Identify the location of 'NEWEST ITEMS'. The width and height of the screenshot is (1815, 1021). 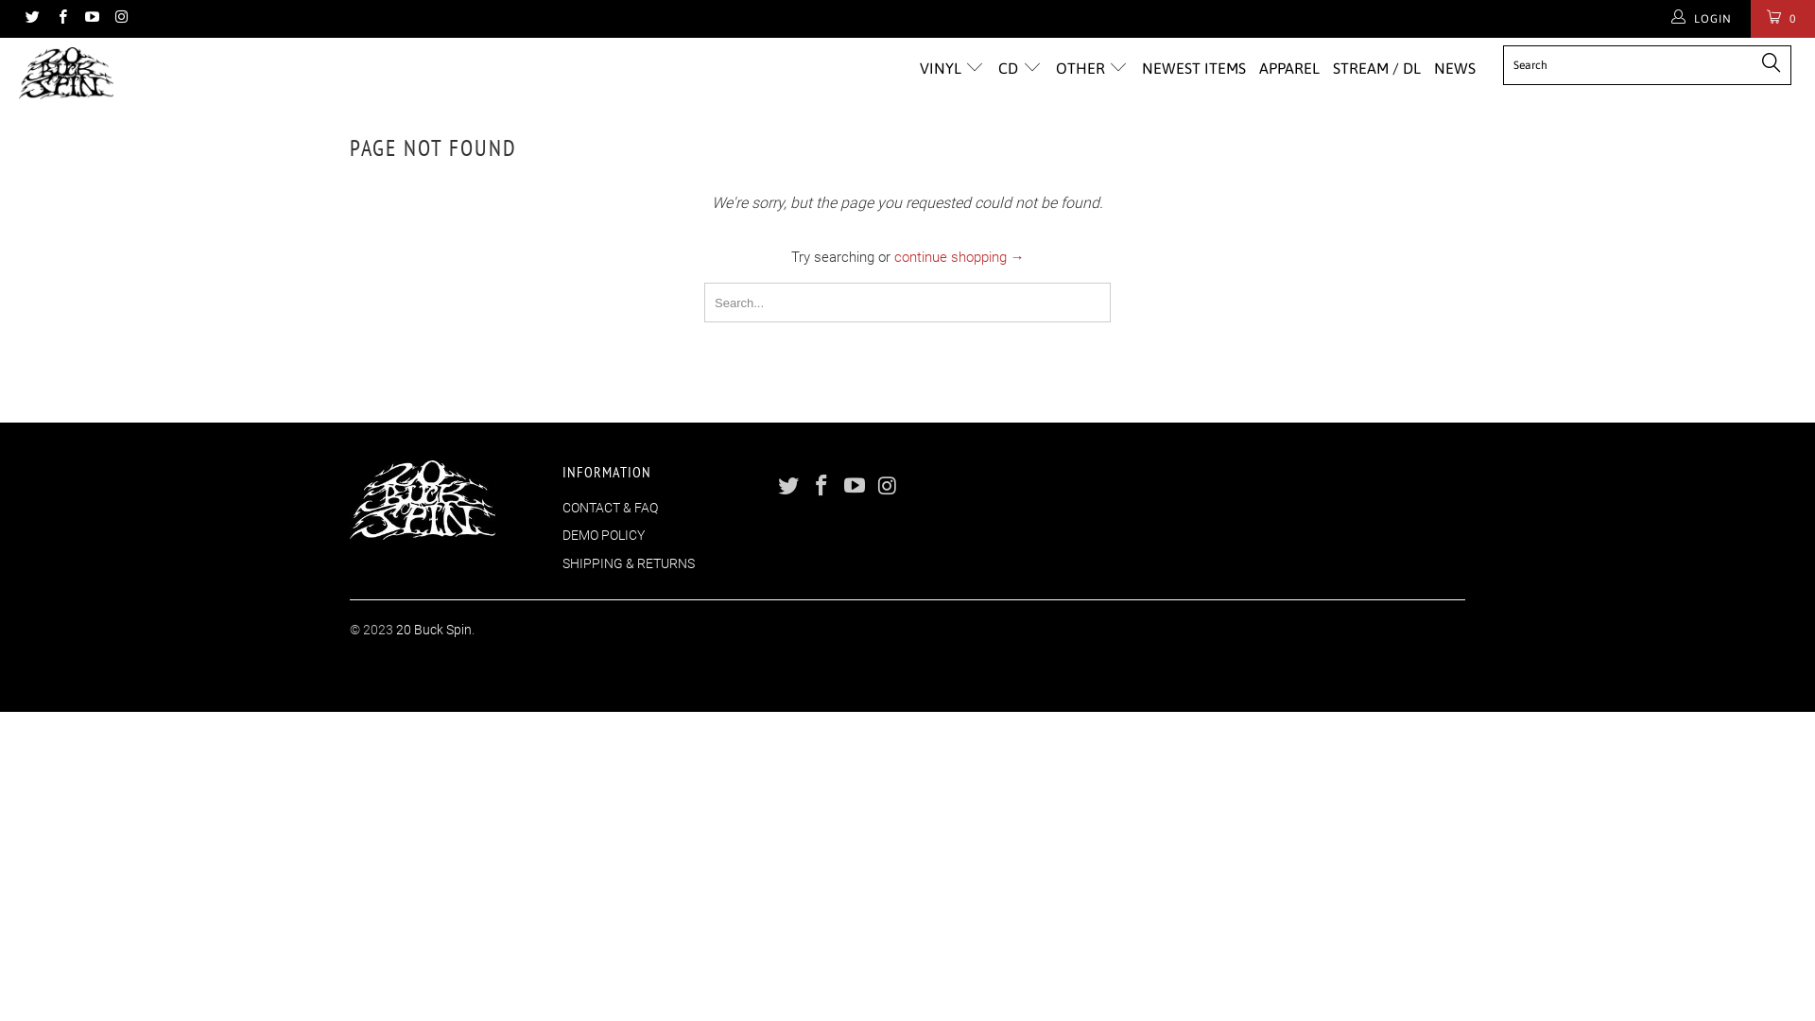
(1192, 67).